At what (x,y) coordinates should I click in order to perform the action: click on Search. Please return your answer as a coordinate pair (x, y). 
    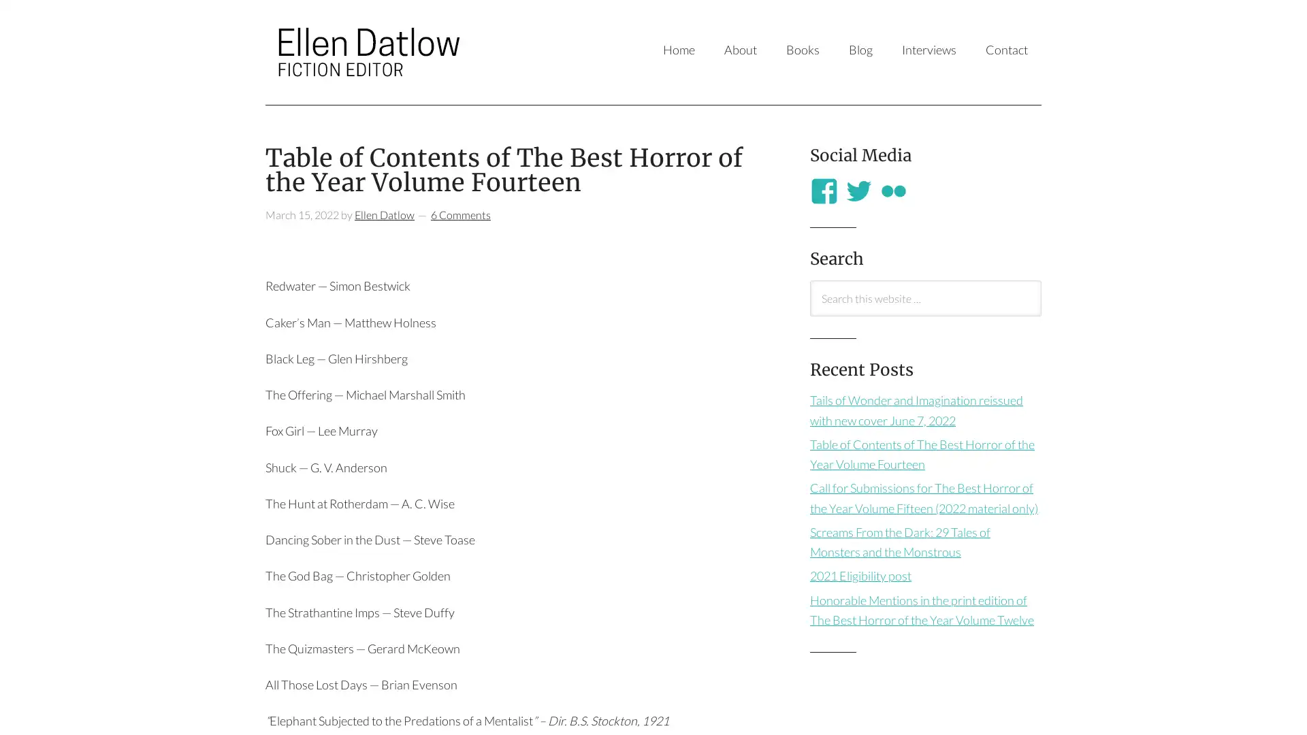
    Looking at the image, I should click on (809, 315).